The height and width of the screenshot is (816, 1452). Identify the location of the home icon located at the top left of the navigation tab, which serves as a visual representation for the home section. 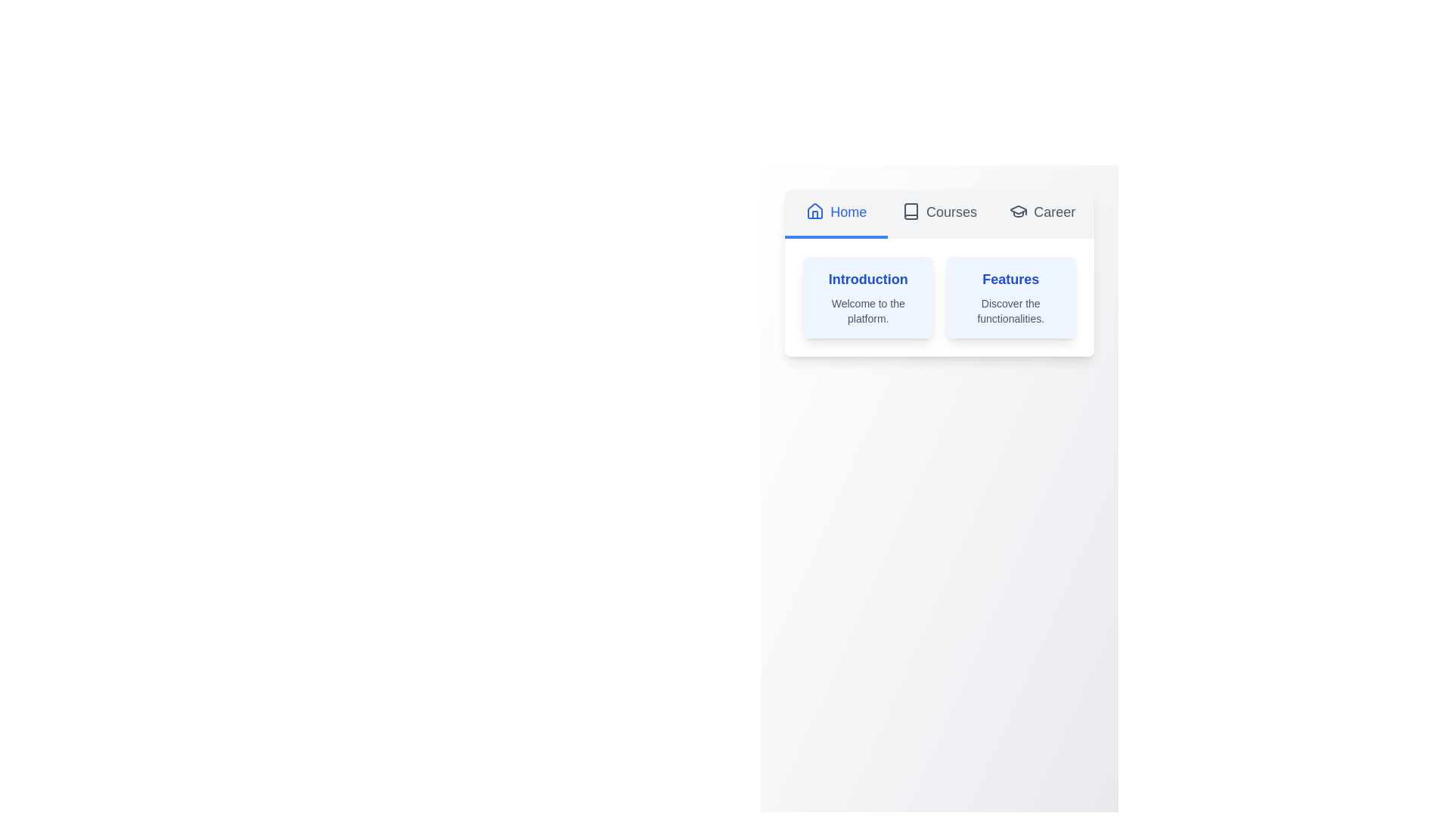
(814, 212).